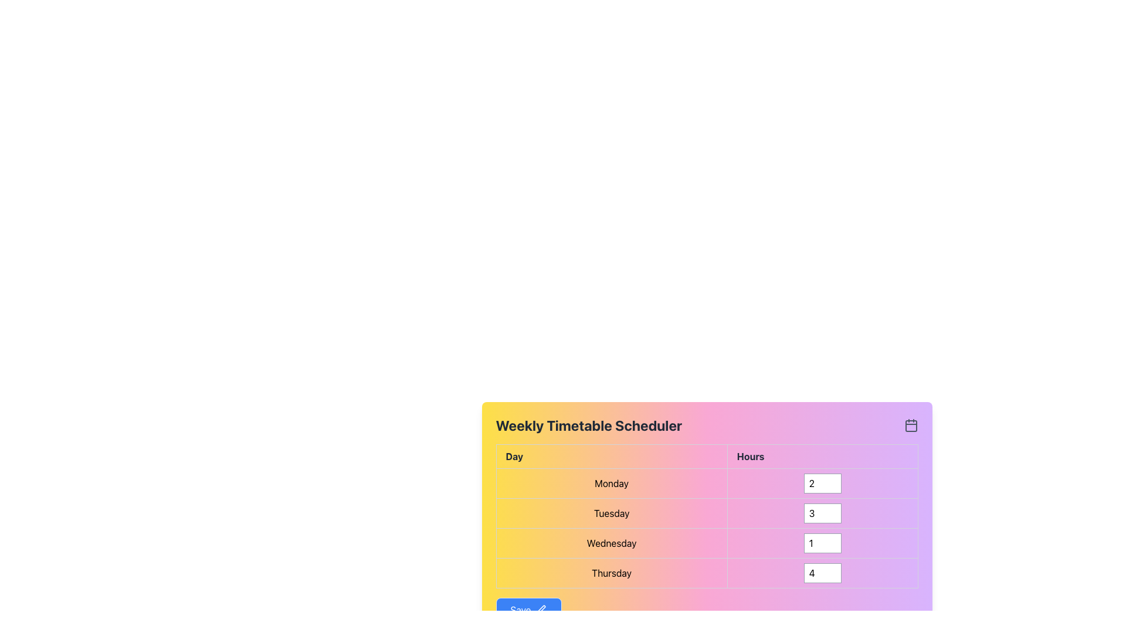  I want to click on the numerical input box displaying '4' located in the last row under the 'Hours' column of the weekly scheduler interface to focus it, so click(822, 573).